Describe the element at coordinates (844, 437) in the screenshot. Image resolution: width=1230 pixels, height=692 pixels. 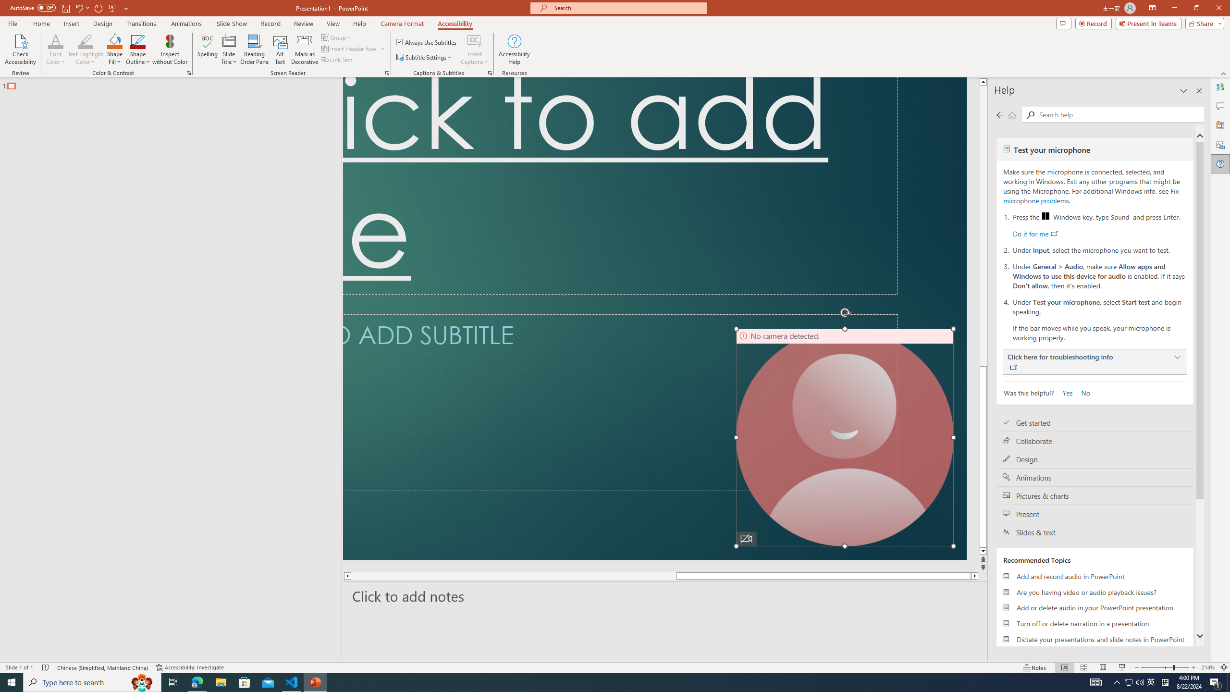
I see `'Camera 8, No camera detected.'` at that location.